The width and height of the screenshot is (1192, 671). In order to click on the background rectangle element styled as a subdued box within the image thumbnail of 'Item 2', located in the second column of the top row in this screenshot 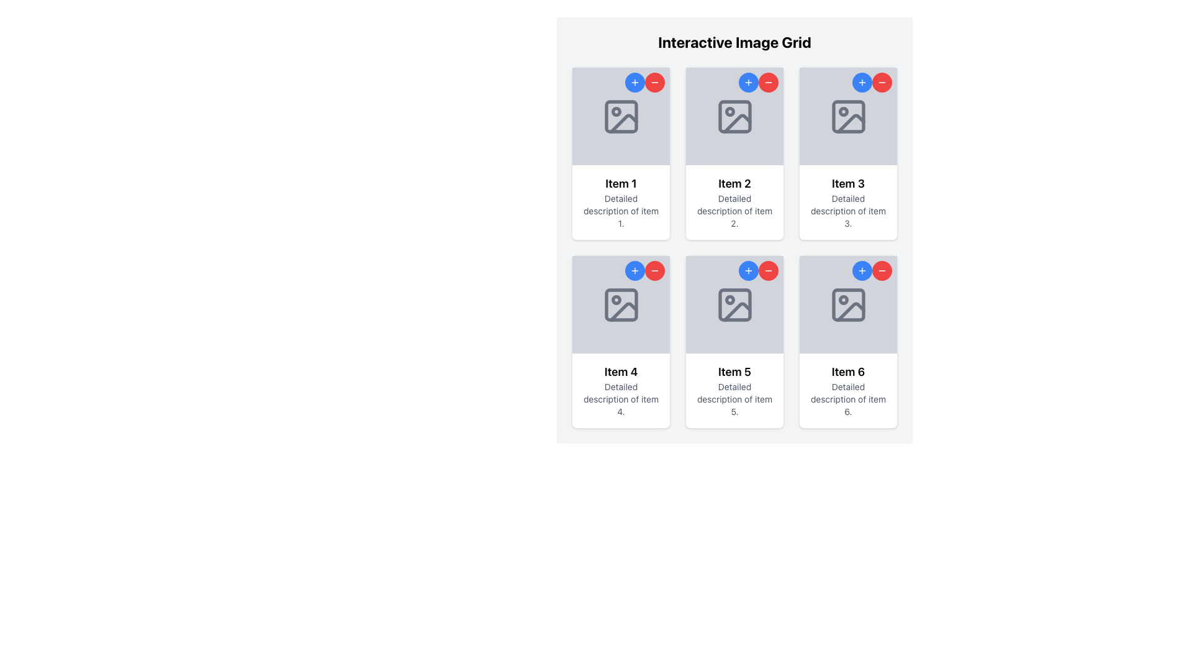, I will do `click(734, 116)`.